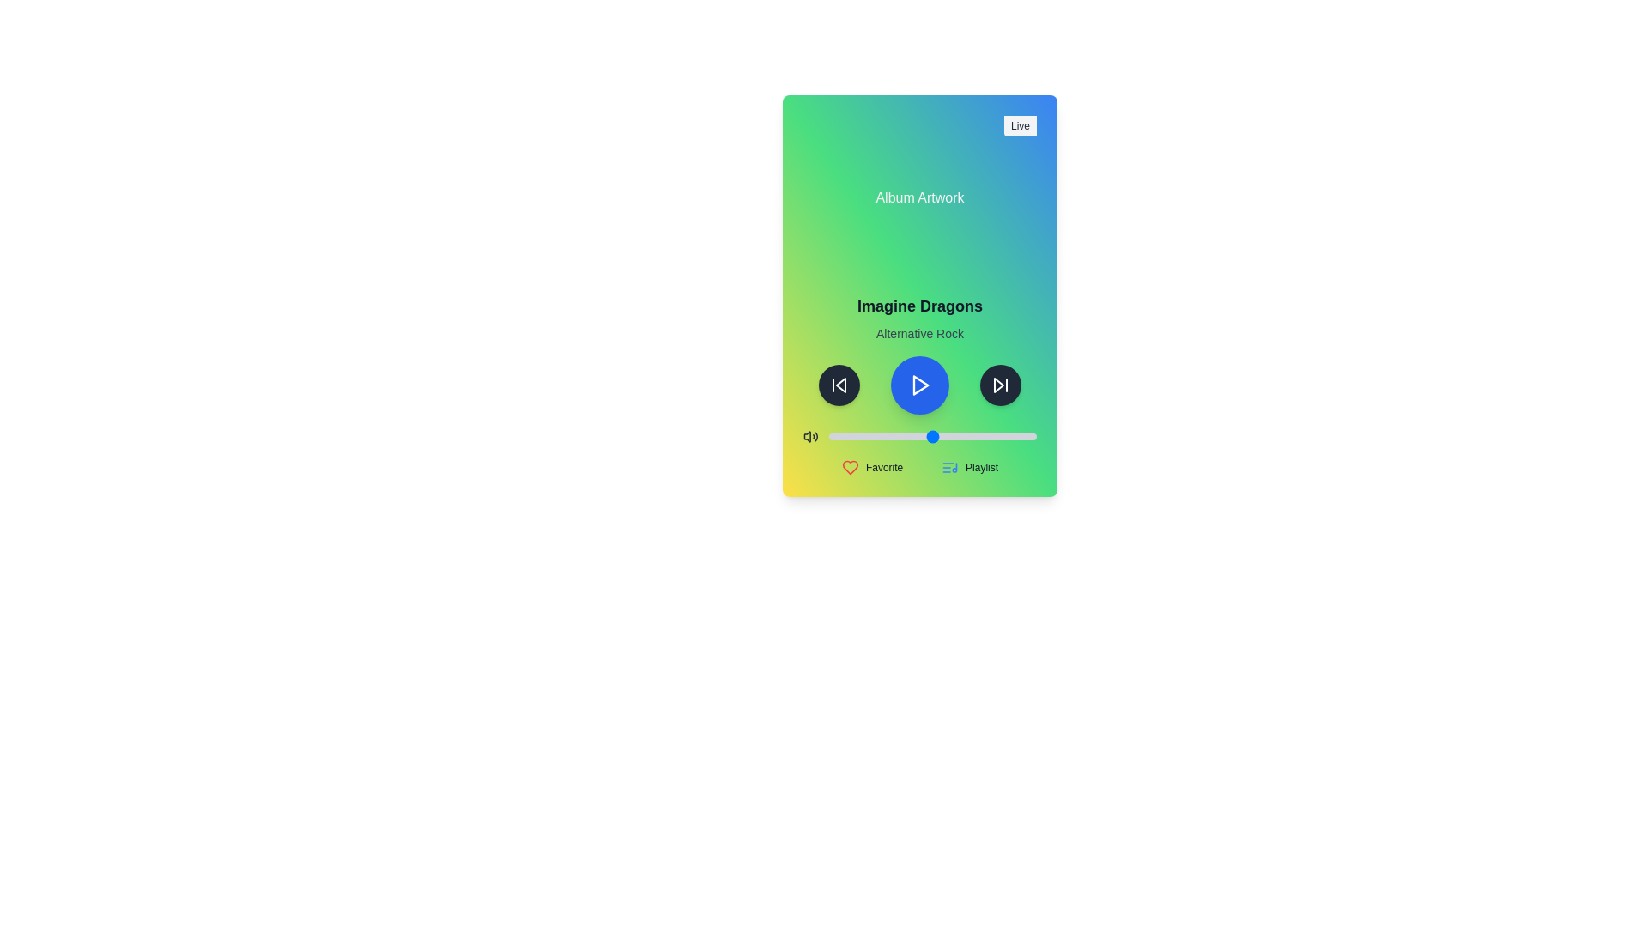 This screenshot has height=927, width=1648. I want to click on the 'Playlist' text label, so click(982, 467).